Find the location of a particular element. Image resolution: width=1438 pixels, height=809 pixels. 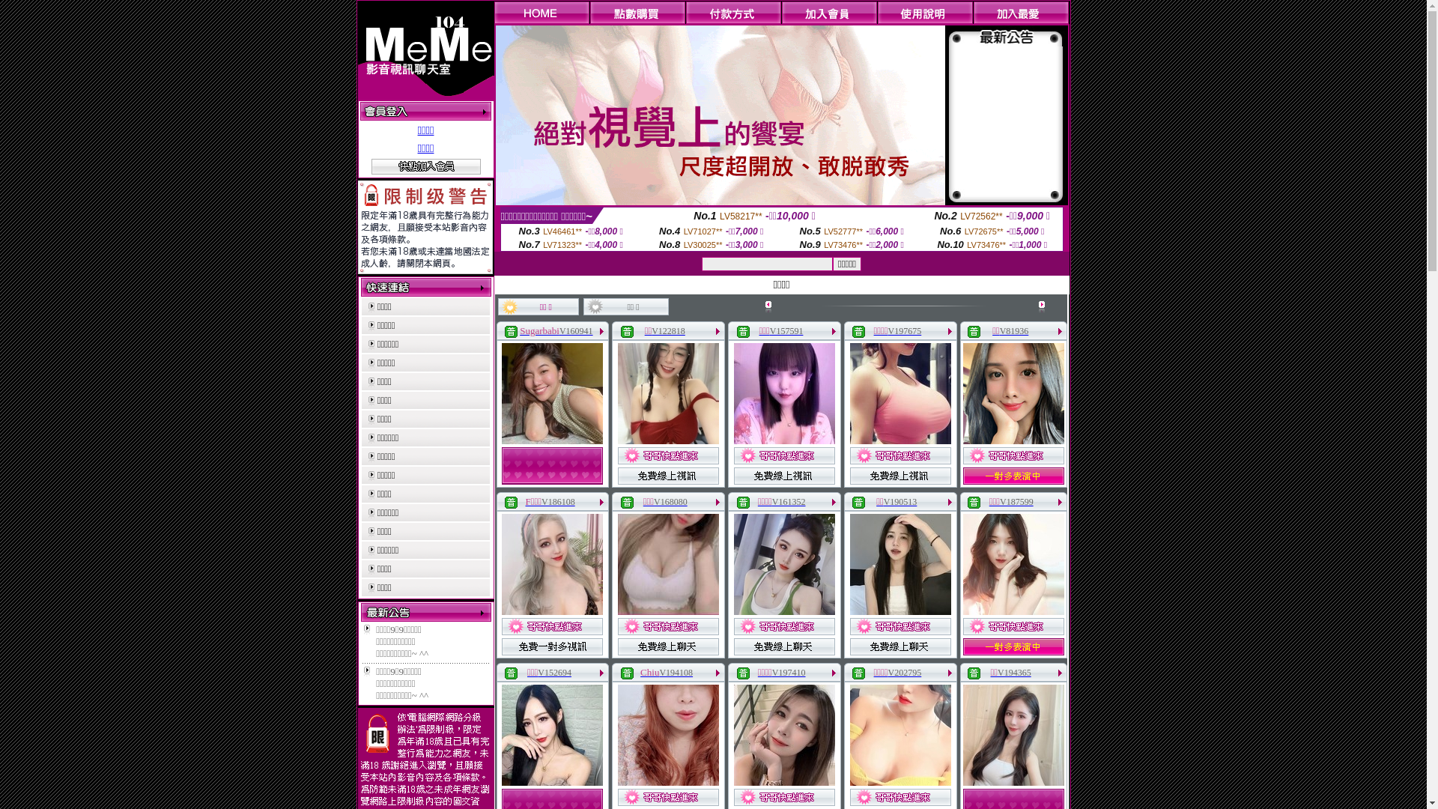

'V168080' is located at coordinates (670, 502).